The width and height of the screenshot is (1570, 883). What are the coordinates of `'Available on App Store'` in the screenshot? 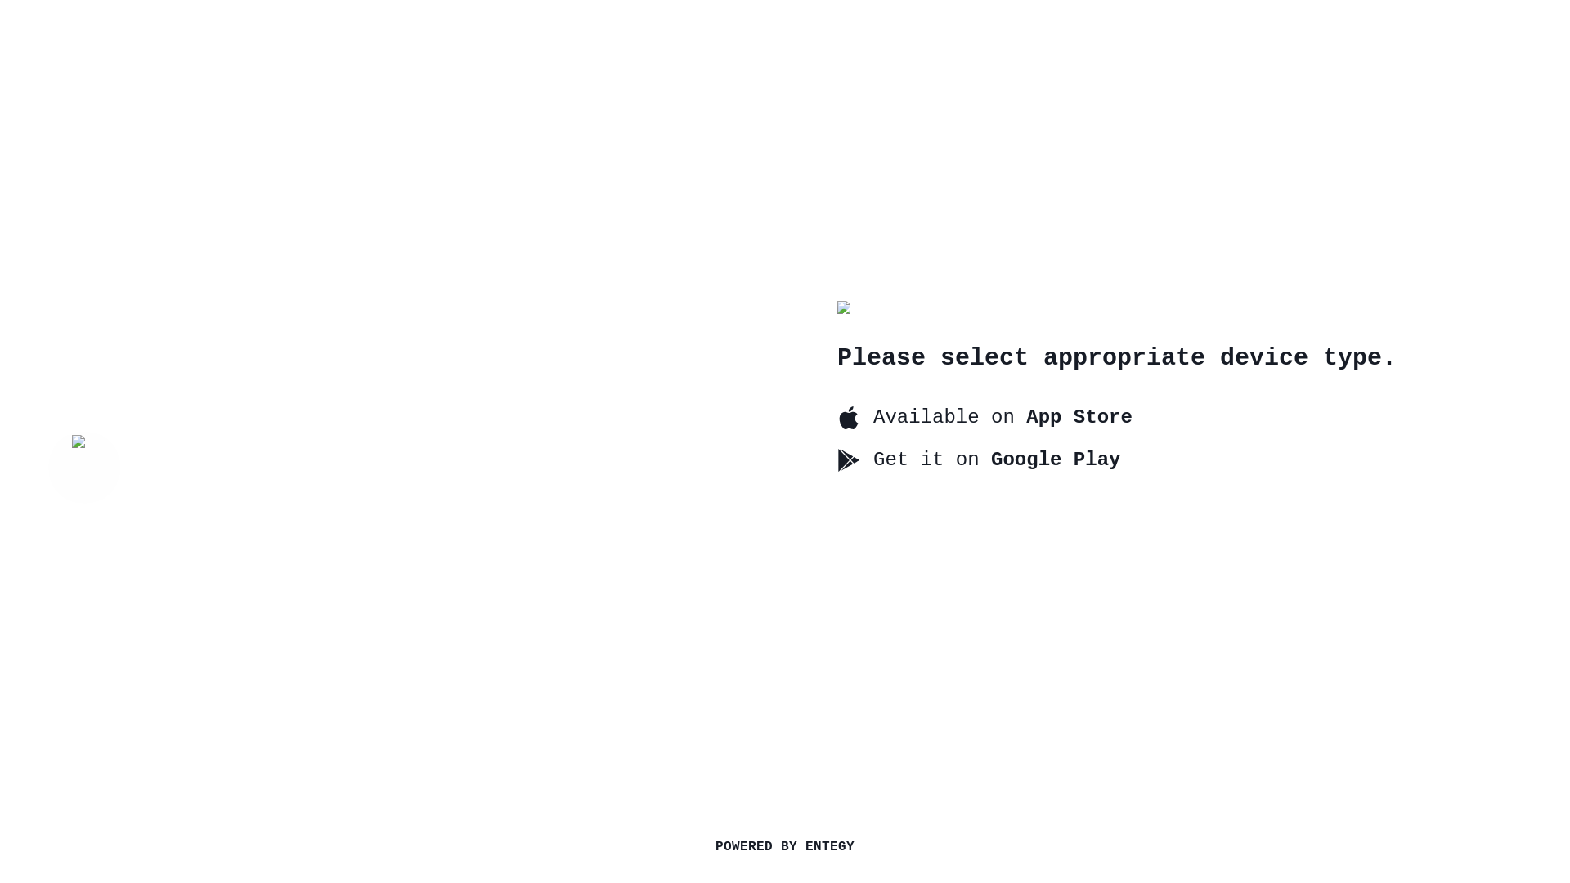 It's located at (984, 415).